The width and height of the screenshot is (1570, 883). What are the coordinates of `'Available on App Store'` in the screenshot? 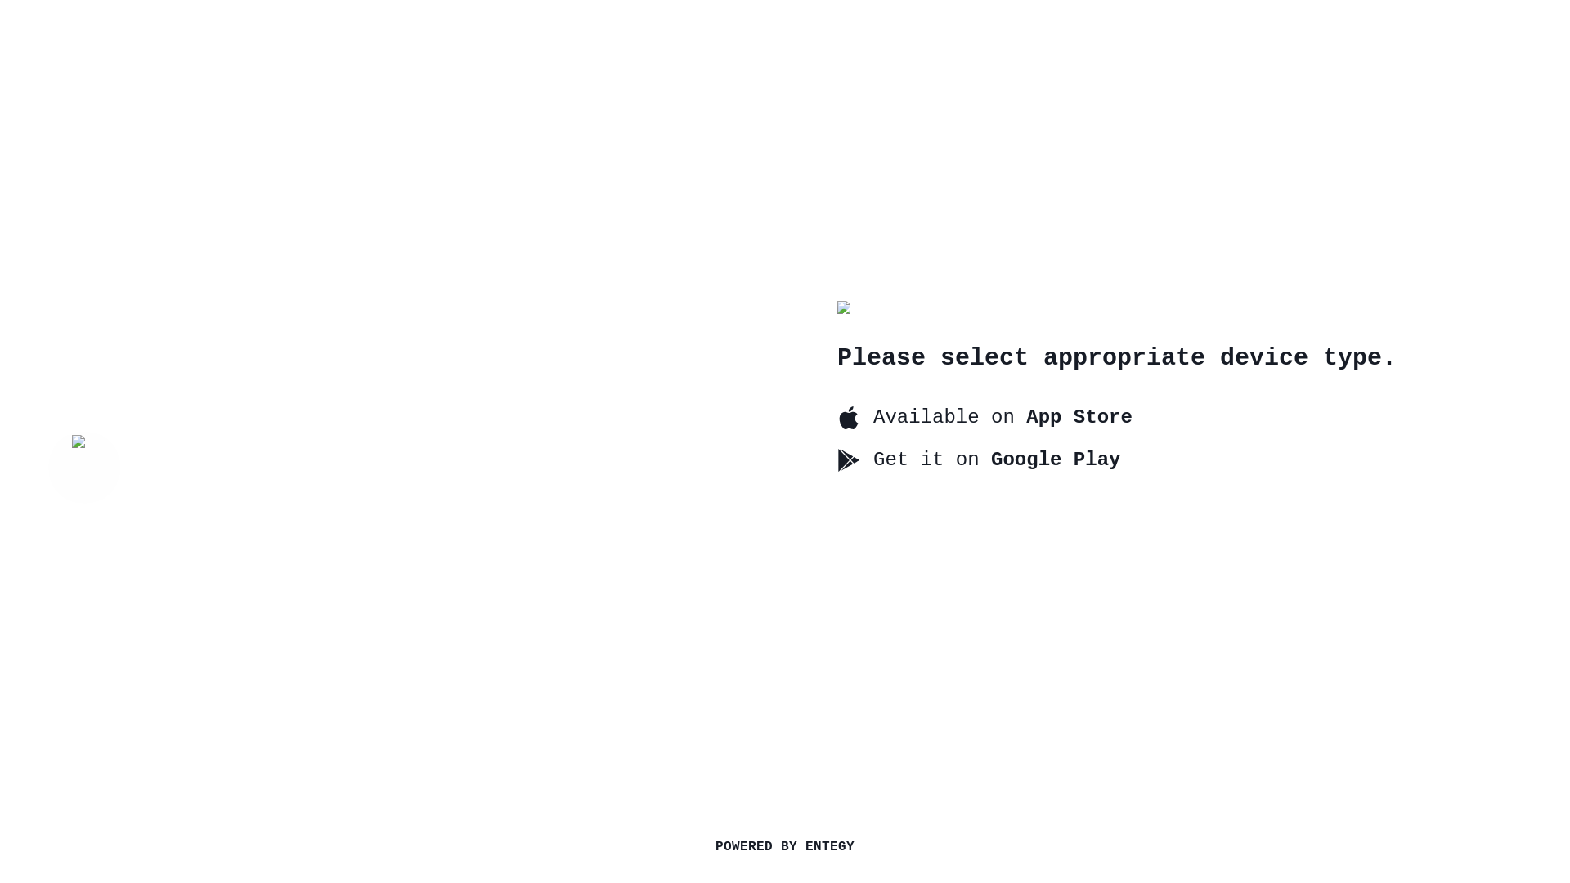 It's located at (984, 415).